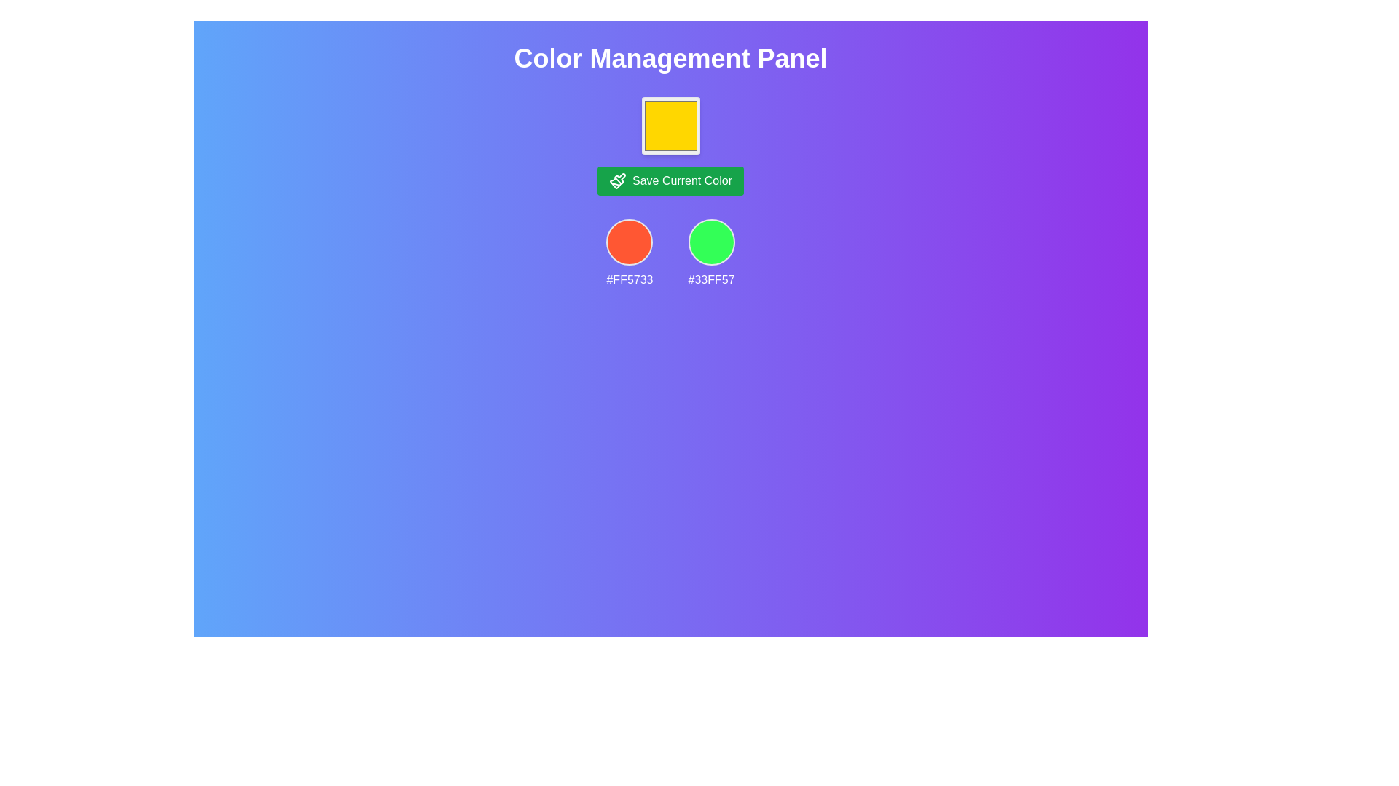 The image size is (1399, 786). What do you see at coordinates (670, 58) in the screenshot?
I see `the Text Display element that shows the title 'Color Management Panel', which is characterized by a bold white sans-serif font on a gradient blue to purple background, located at the top of the interface` at bounding box center [670, 58].